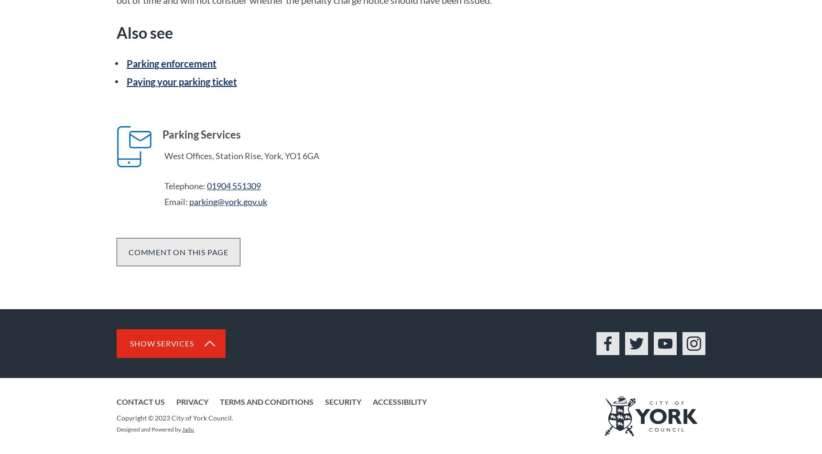 This screenshot has height=454, width=822. I want to click on 'Parking Services', so click(201, 134).